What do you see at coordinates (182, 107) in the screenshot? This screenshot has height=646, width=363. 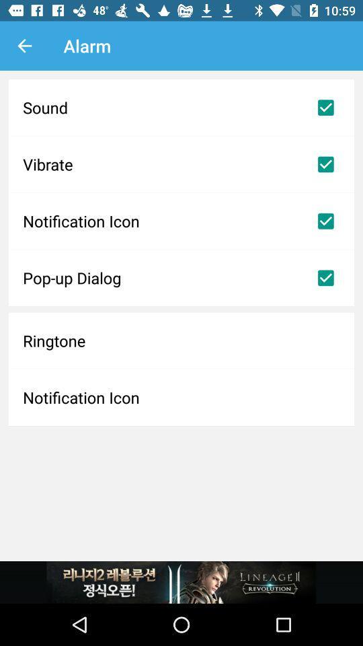 I see `sound icon` at bounding box center [182, 107].